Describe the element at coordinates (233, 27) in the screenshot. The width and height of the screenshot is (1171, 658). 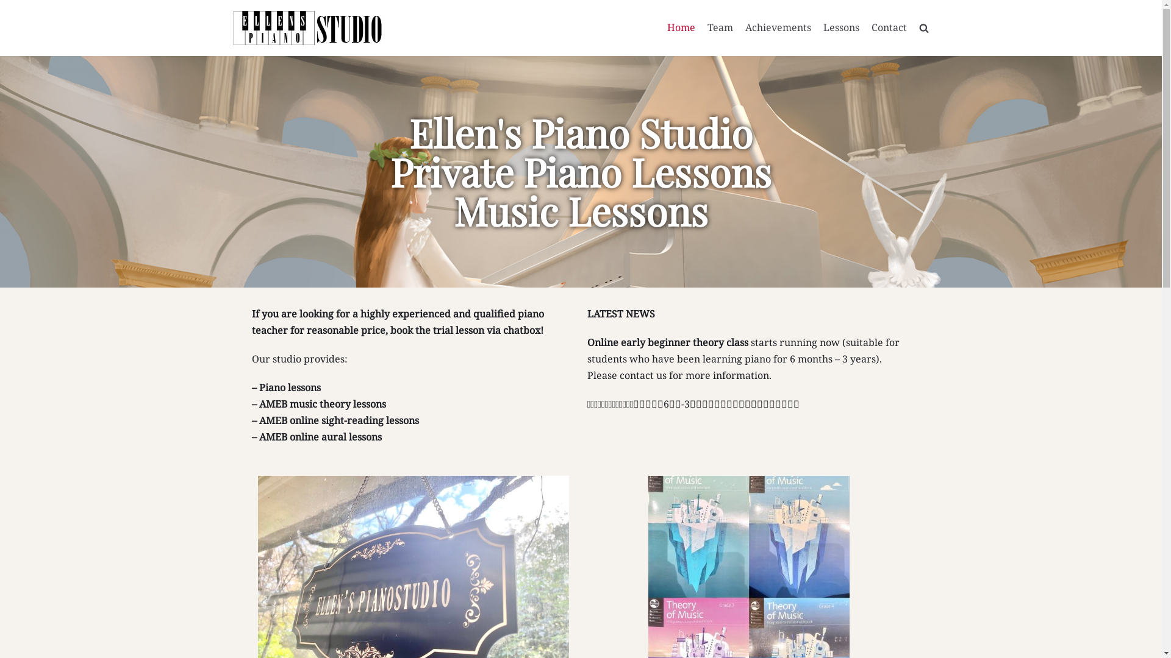
I see `'Ellens Piano Studio Sydney'` at that location.